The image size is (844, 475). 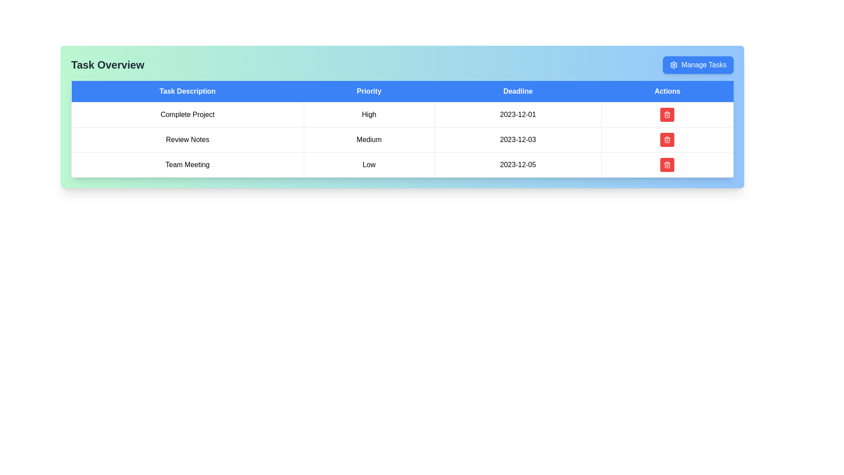 I want to click on the middle row of the task table that contains the columns 'Review Notes', 'Medium', and '2023-12-03' for editing, so click(x=402, y=139).